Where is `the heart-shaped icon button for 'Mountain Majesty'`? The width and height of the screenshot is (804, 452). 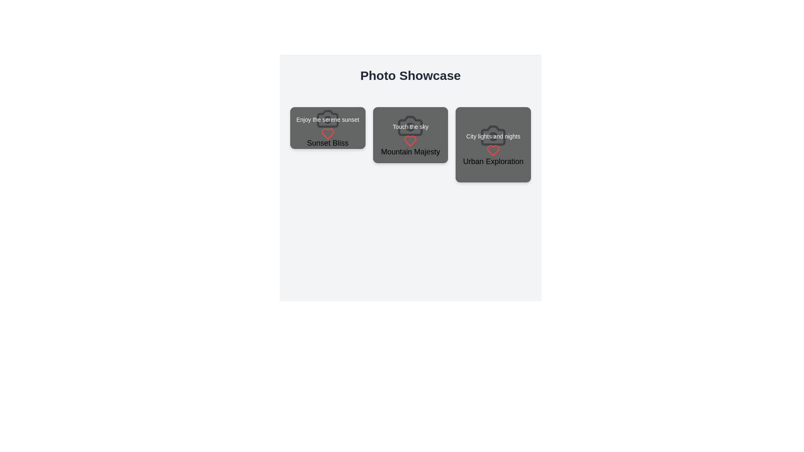
the heart-shaped icon button for 'Mountain Majesty' is located at coordinates (410, 141).